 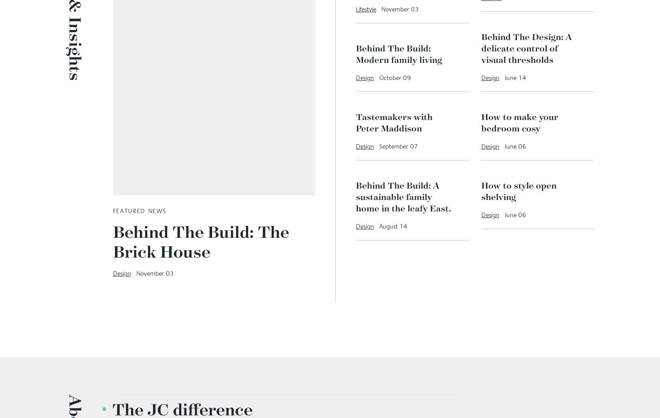 What do you see at coordinates (139, 211) in the screenshot?
I see `'FEATURED NEWS'` at bounding box center [139, 211].